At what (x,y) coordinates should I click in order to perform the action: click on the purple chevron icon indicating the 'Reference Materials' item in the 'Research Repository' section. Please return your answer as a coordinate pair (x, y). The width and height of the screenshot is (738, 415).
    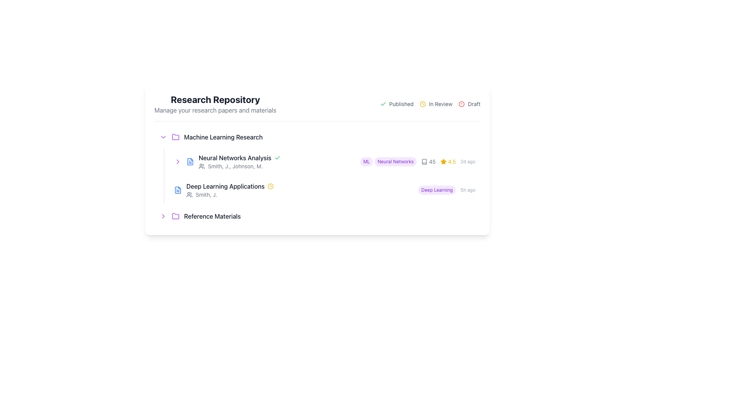
    Looking at the image, I should click on (163, 216).